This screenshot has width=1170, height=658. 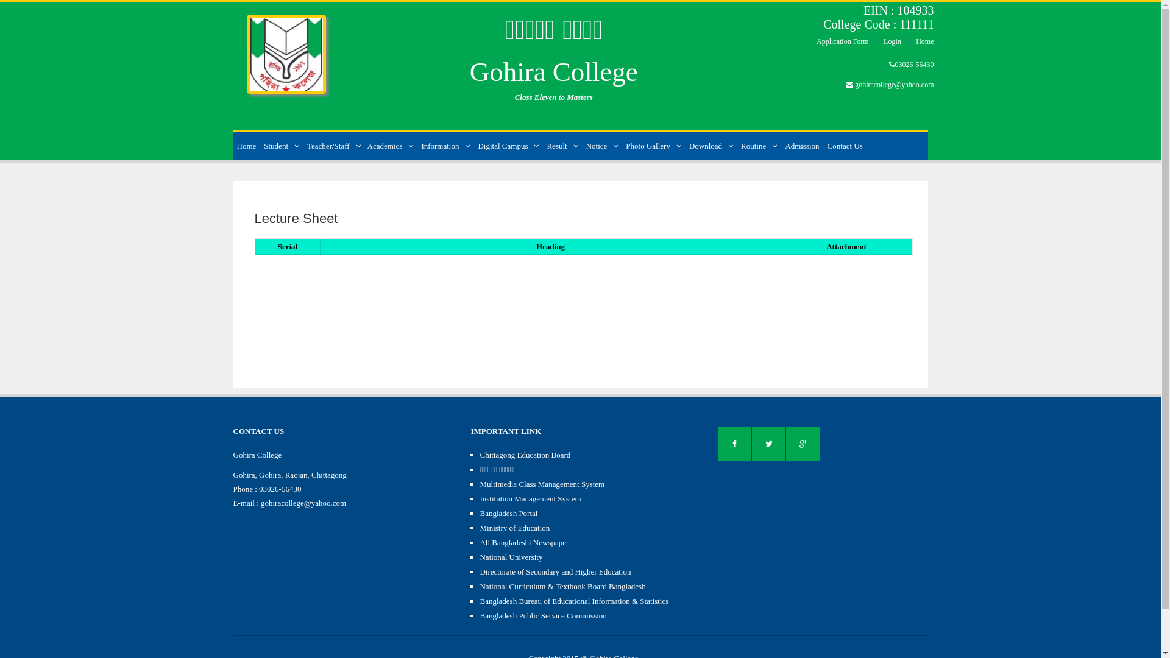 I want to click on 'Institution Management System', so click(x=530, y=498).